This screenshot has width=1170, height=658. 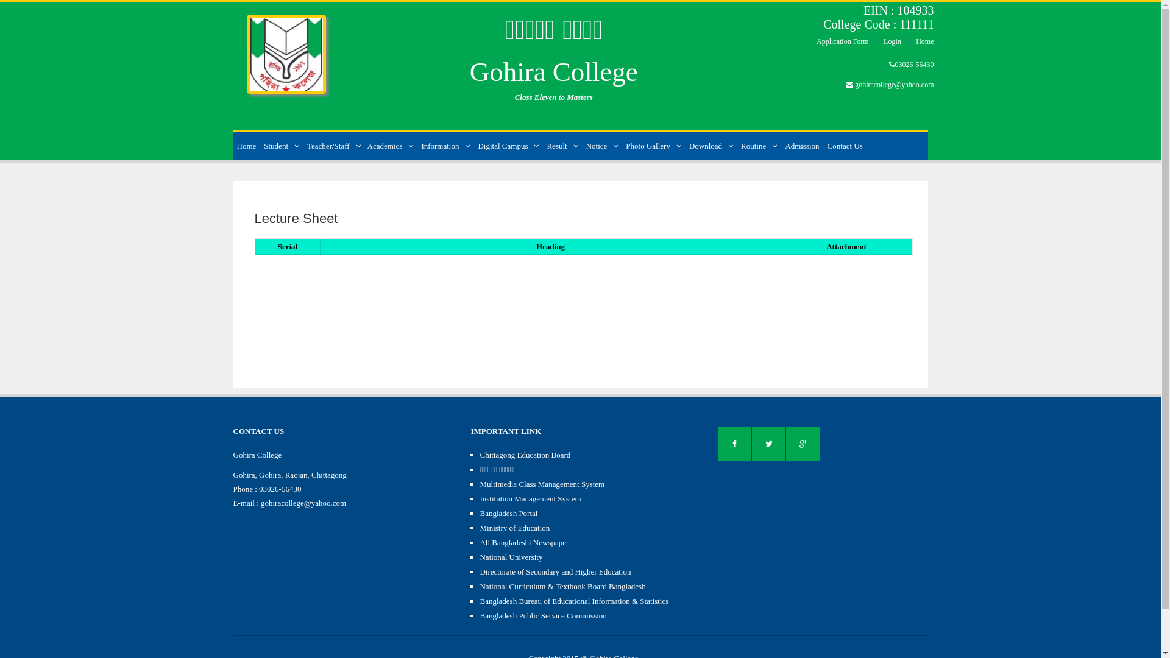 I want to click on 'Institution Management System', so click(x=530, y=498).